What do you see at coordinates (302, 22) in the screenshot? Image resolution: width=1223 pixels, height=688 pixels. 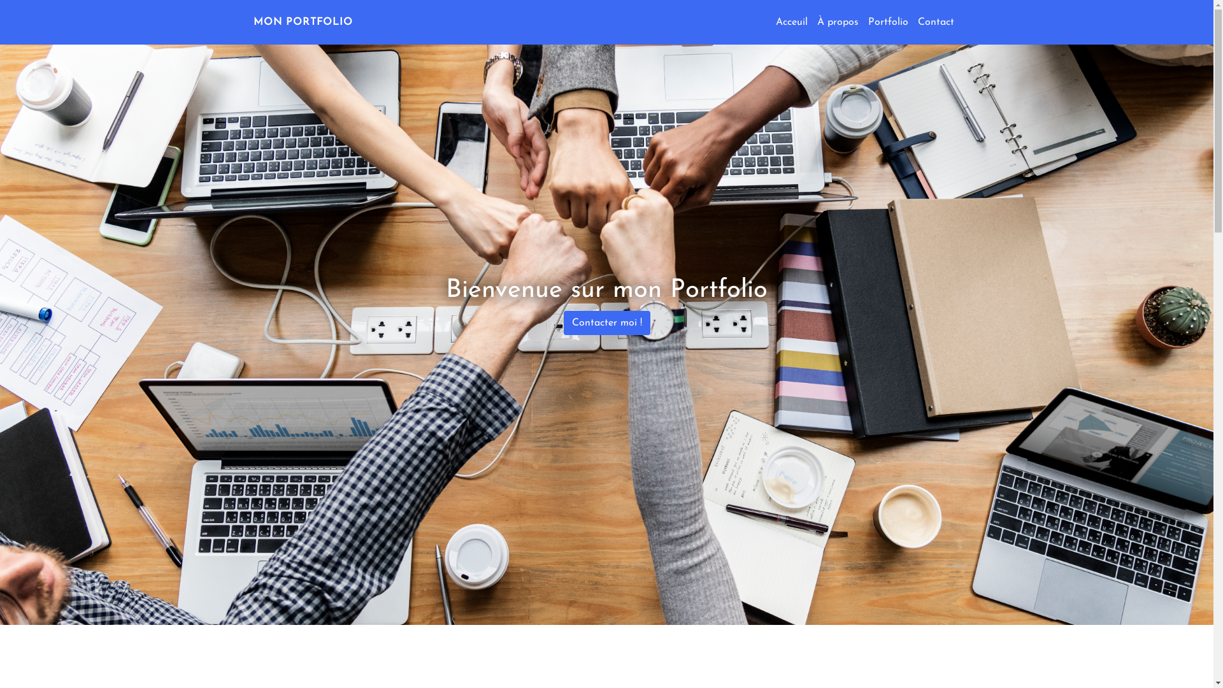 I see `'MON PORTFOLIO'` at bounding box center [302, 22].